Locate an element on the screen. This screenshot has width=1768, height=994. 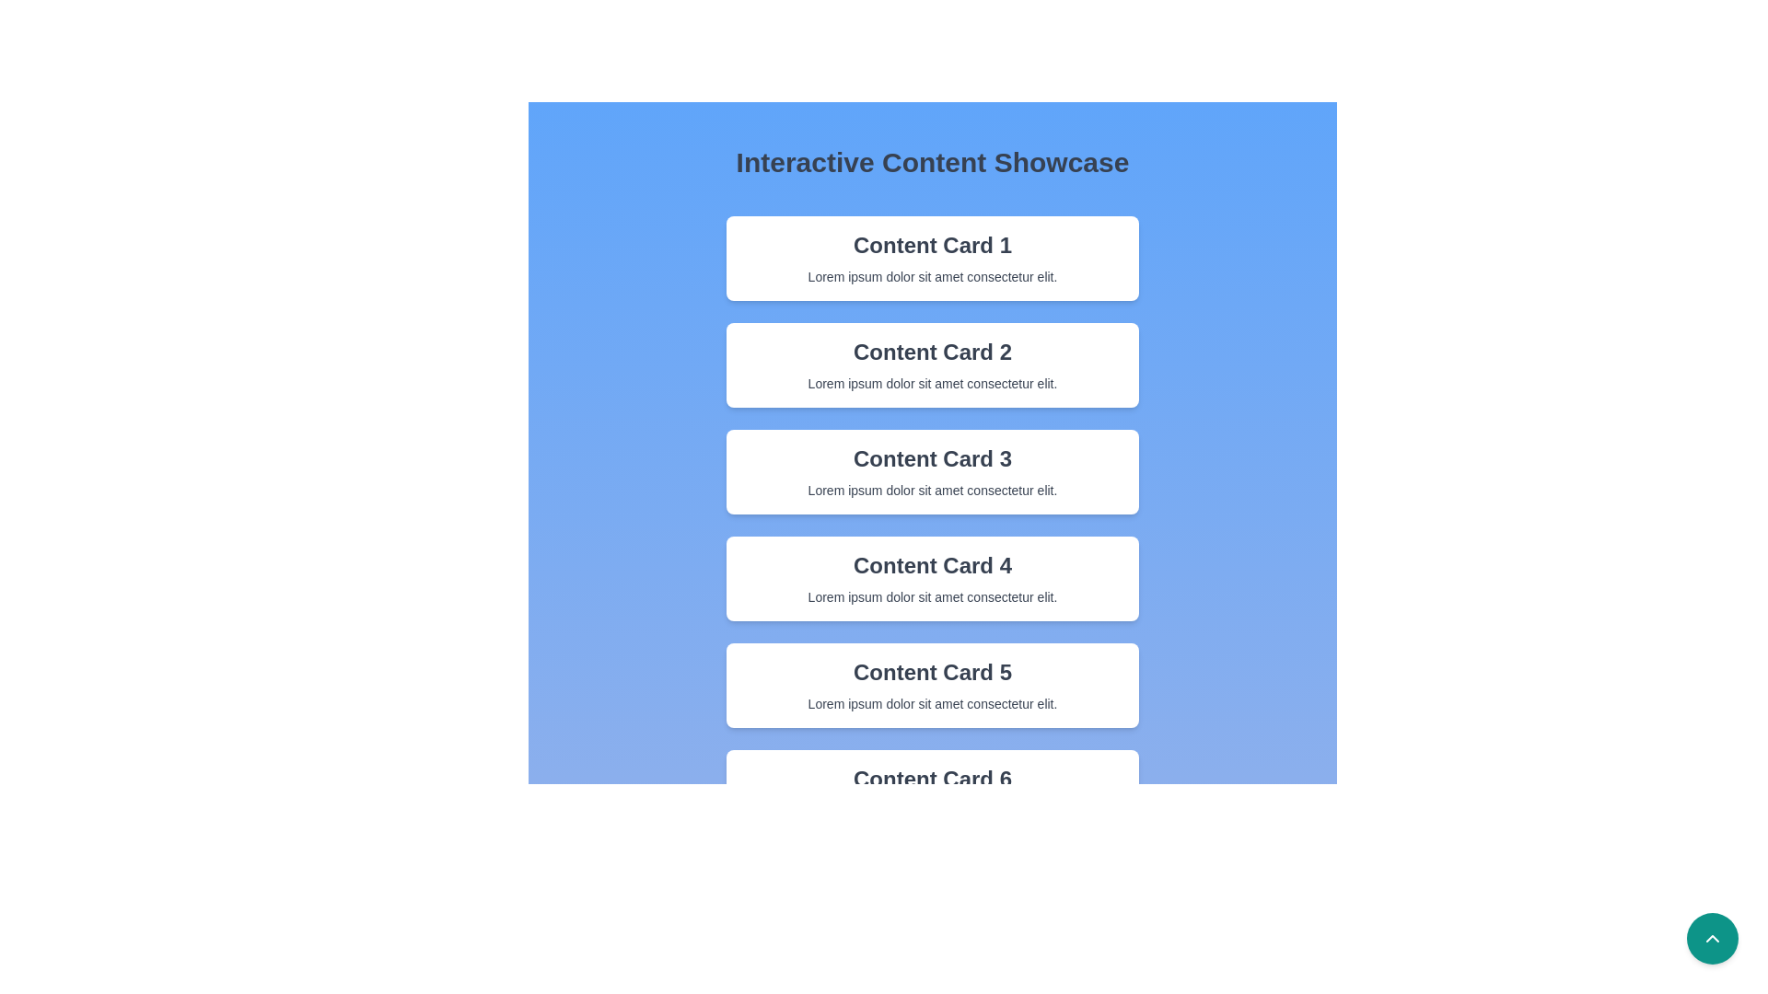
the prominent header text located at the top of the page, which is styled as a bold, large-sized title is located at coordinates (932, 162).